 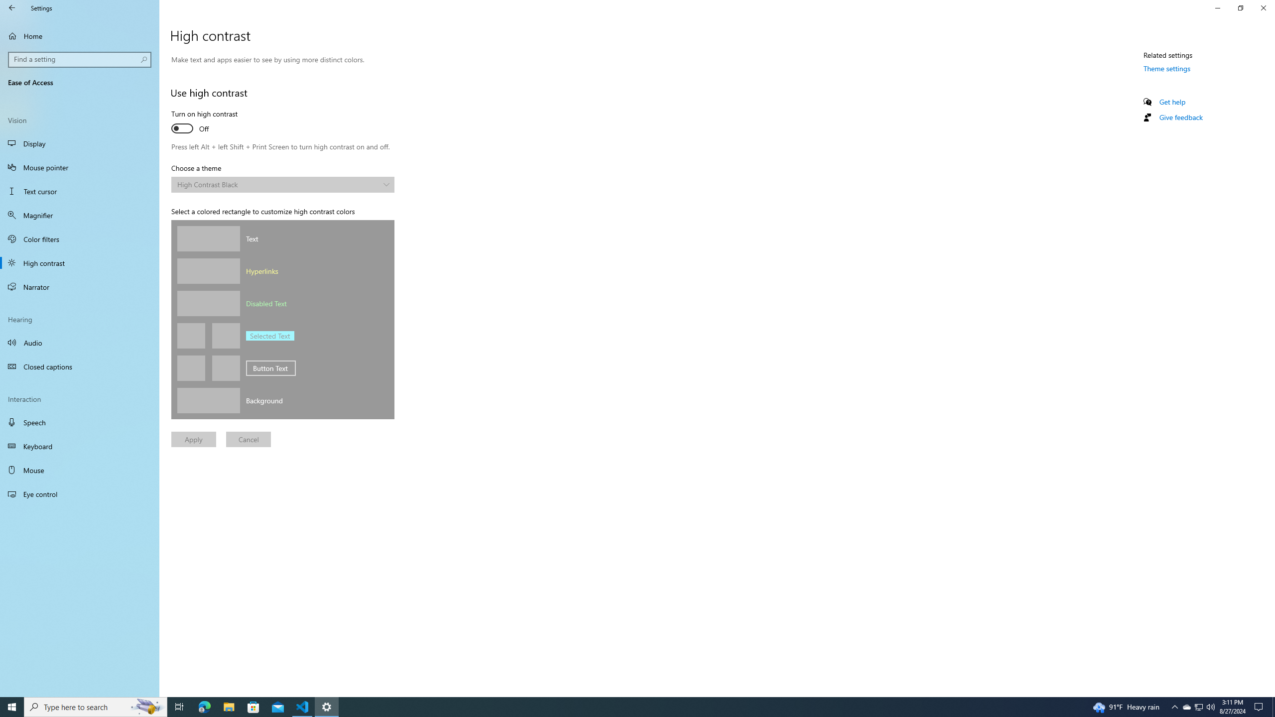 What do you see at coordinates (79, 286) in the screenshot?
I see `'Narrator'` at bounding box center [79, 286].